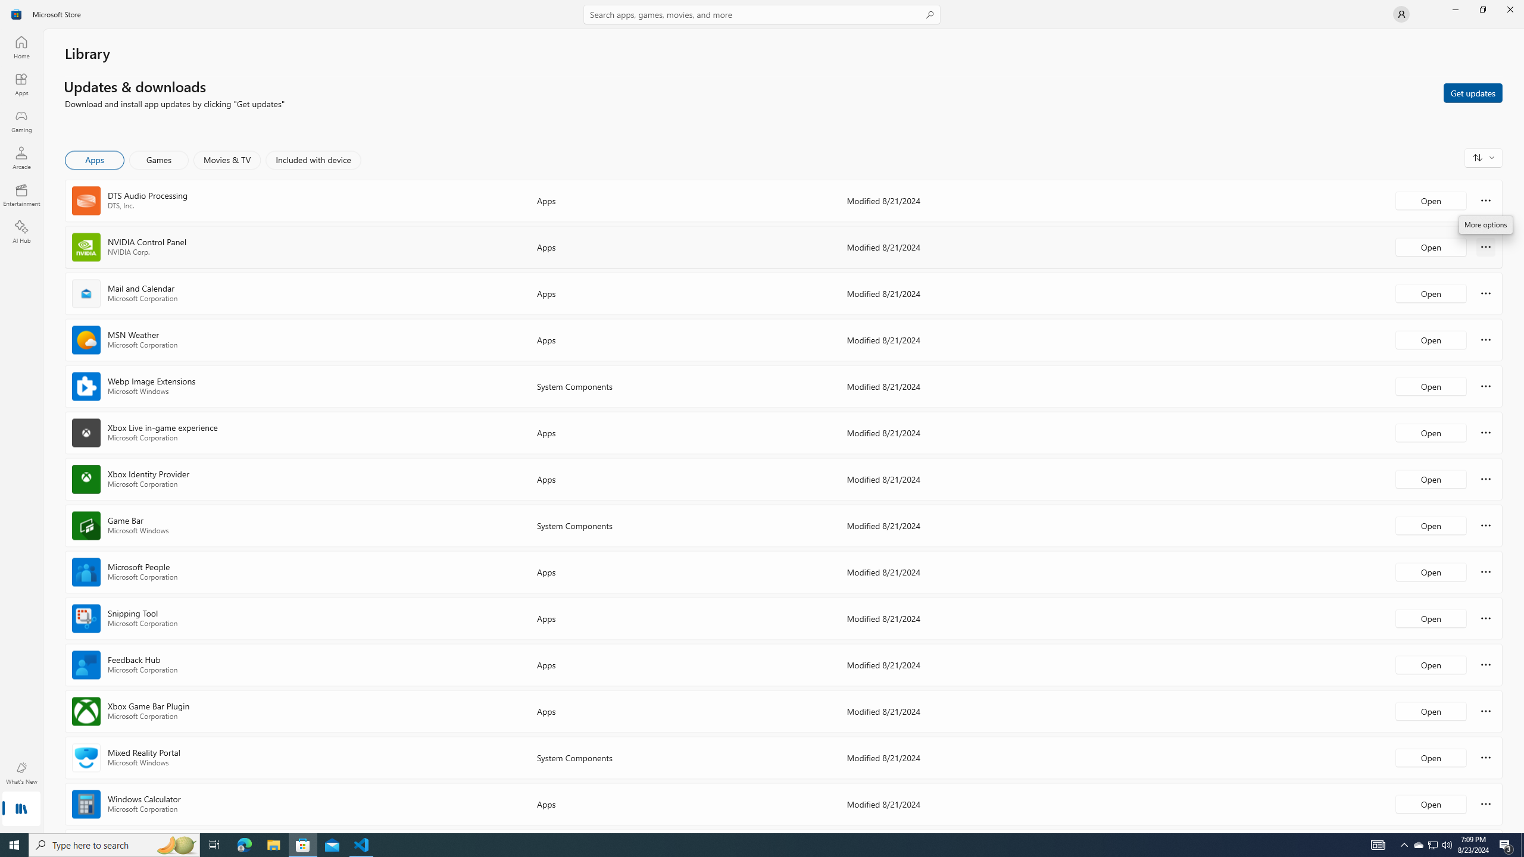 The image size is (1524, 857). I want to click on 'Home', so click(20, 46).